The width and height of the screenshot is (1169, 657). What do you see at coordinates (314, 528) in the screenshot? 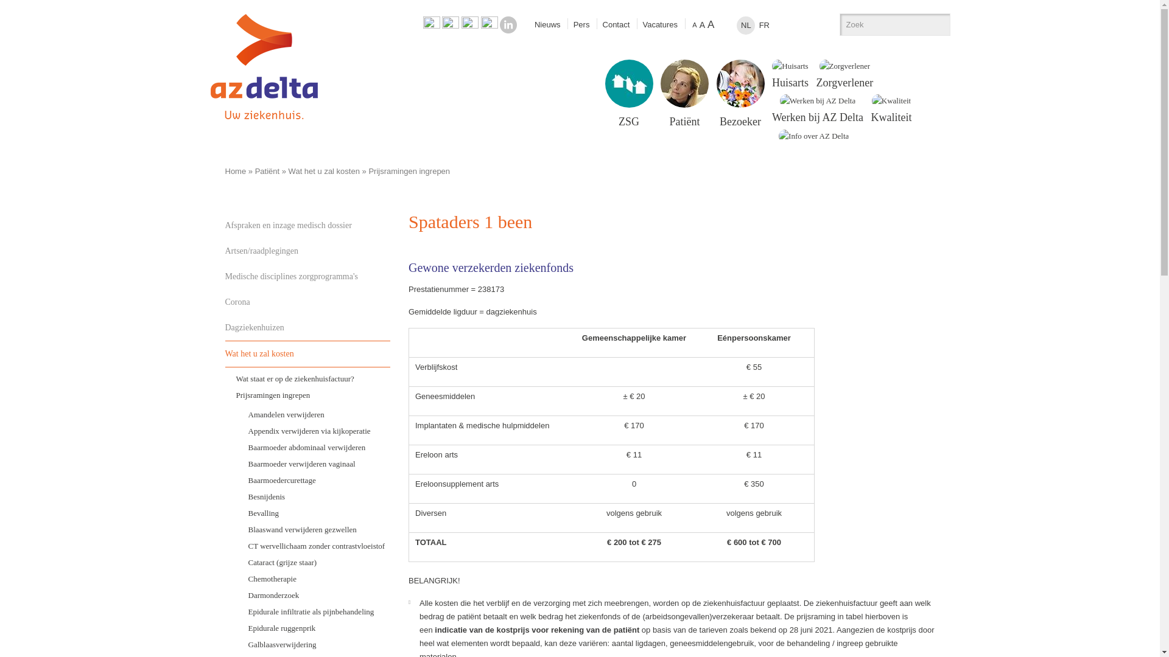
I see `'Blaaswand verwijderen gezwellen'` at bounding box center [314, 528].